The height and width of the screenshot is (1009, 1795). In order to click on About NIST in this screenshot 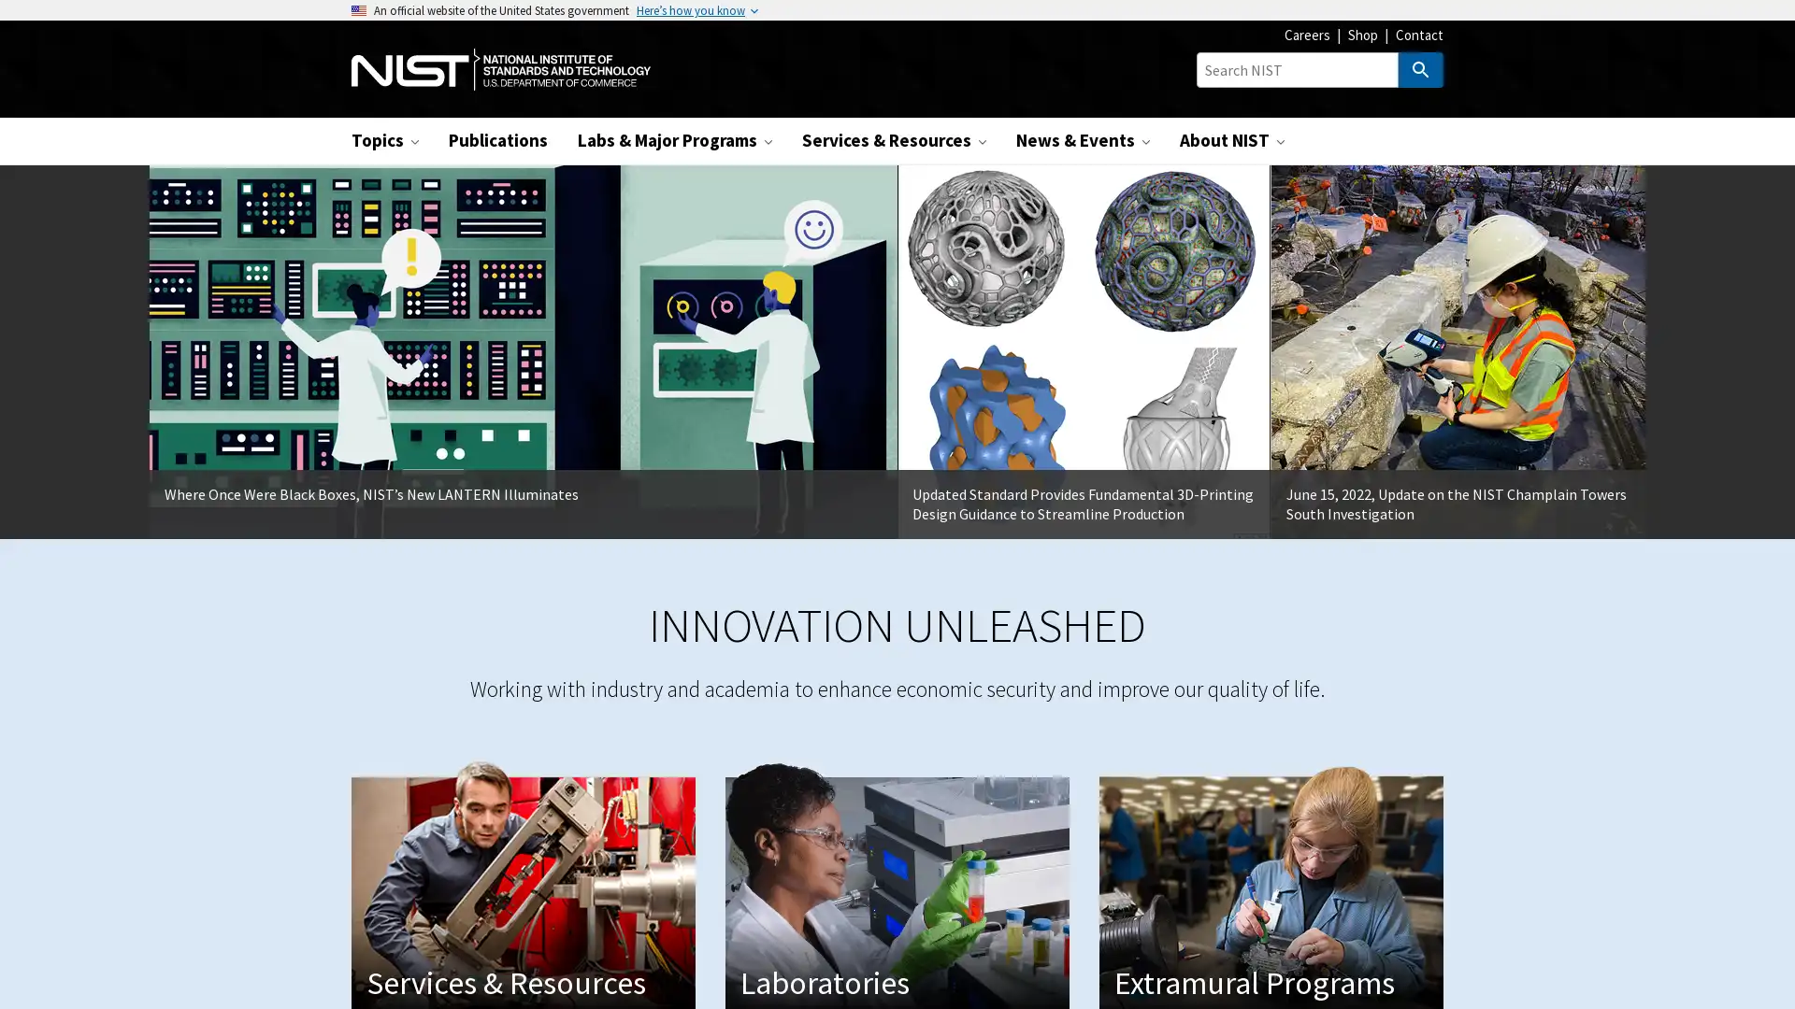, I will do `click(1232, 139)`.